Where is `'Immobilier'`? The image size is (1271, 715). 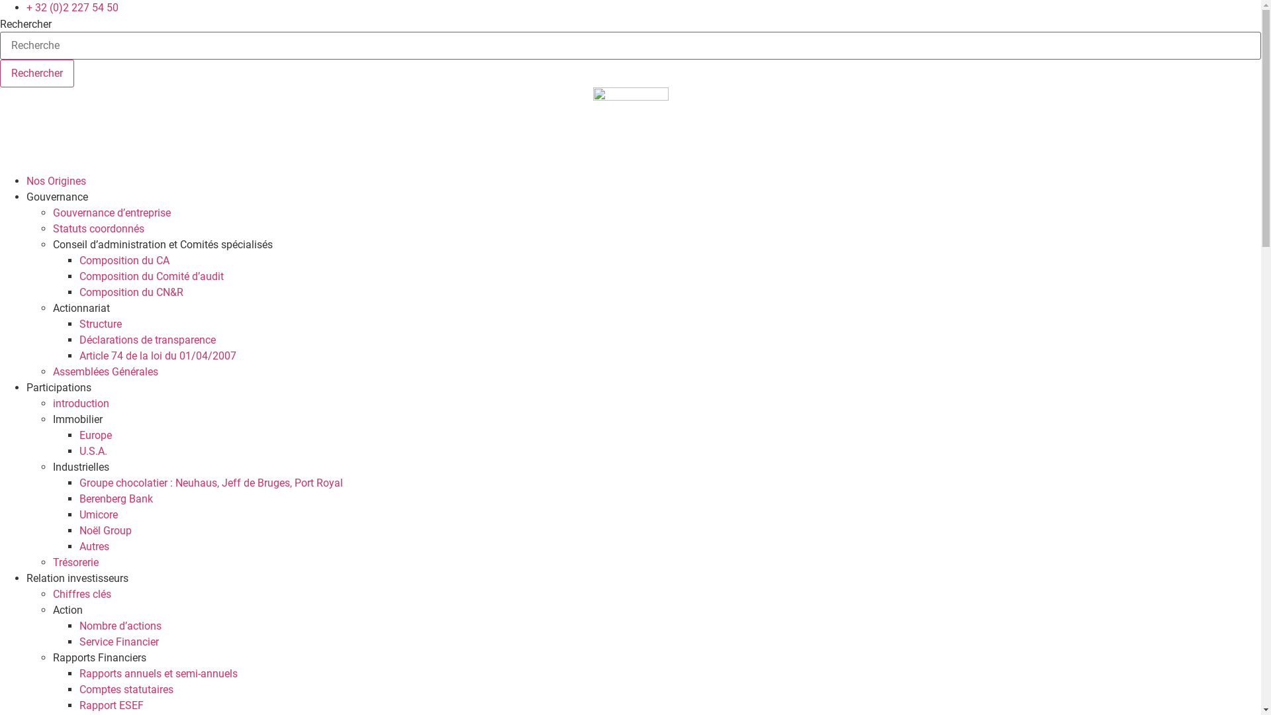
'Immobilier' is located at coordinates (77, 419).